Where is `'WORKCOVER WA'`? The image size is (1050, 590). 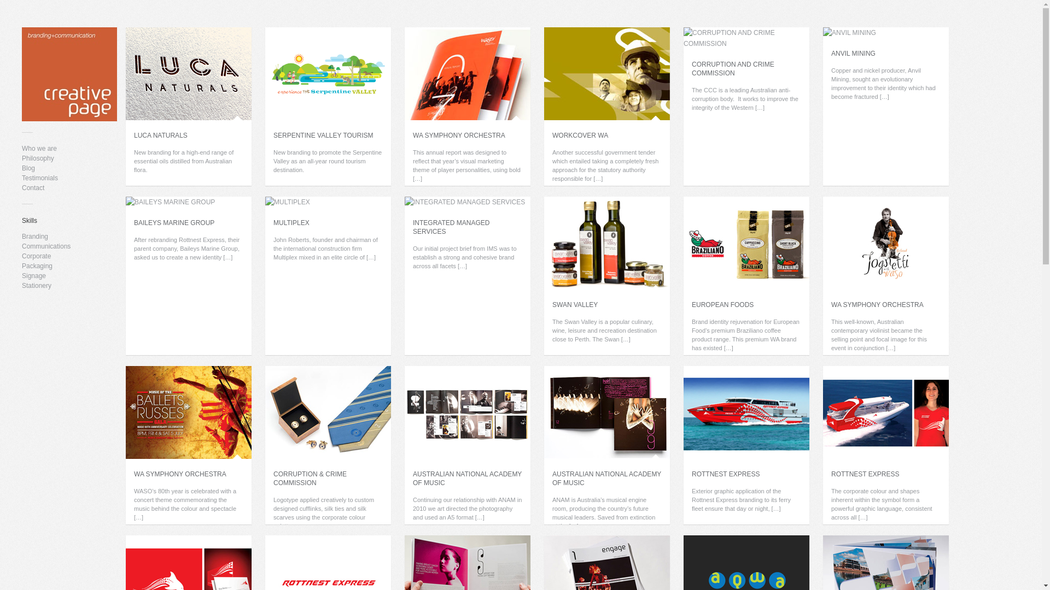
'WORKCOVER WA' is located at coordinates (579, 134).